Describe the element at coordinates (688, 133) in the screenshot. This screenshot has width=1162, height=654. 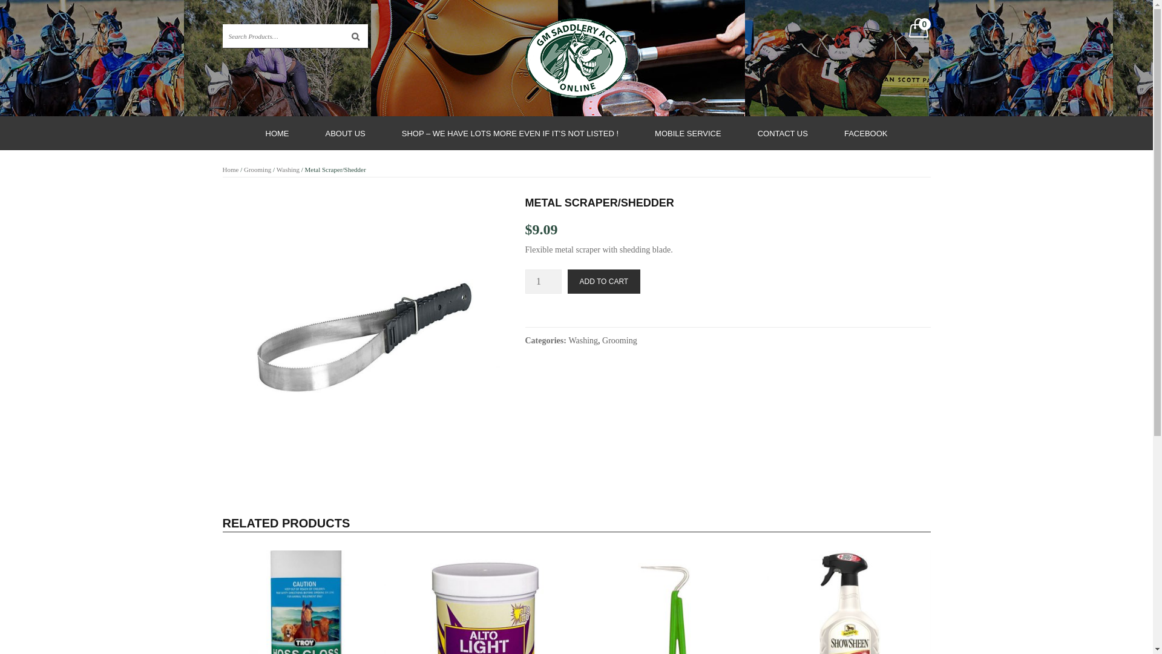
I see `'MOBILE SERVICE'` at that location.